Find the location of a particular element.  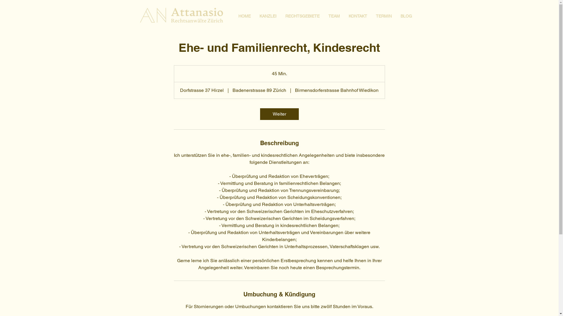

'KANZLEI' is located at coordinates (267, 15).